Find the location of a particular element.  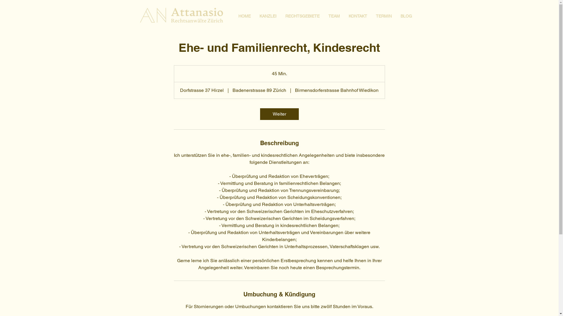

'KANZLEI' is located at coordinates (267, 15).